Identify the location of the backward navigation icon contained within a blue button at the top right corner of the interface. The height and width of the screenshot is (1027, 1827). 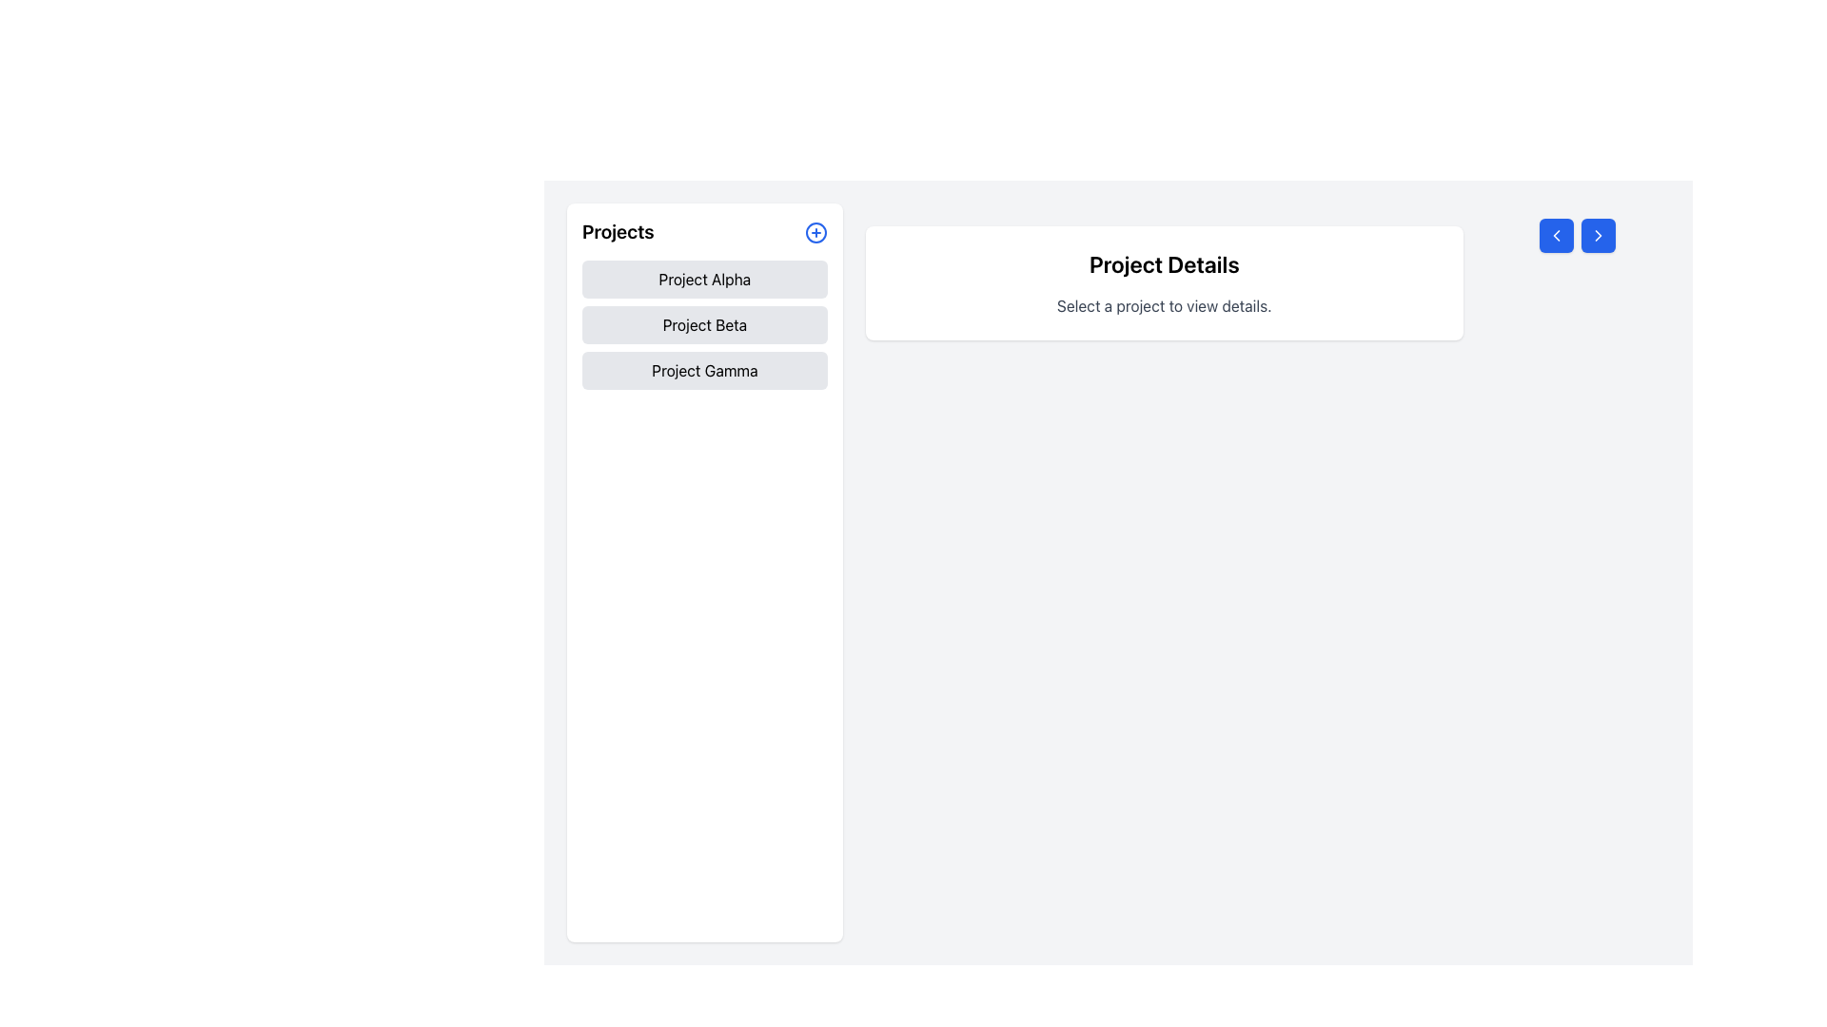
(1557, 234).